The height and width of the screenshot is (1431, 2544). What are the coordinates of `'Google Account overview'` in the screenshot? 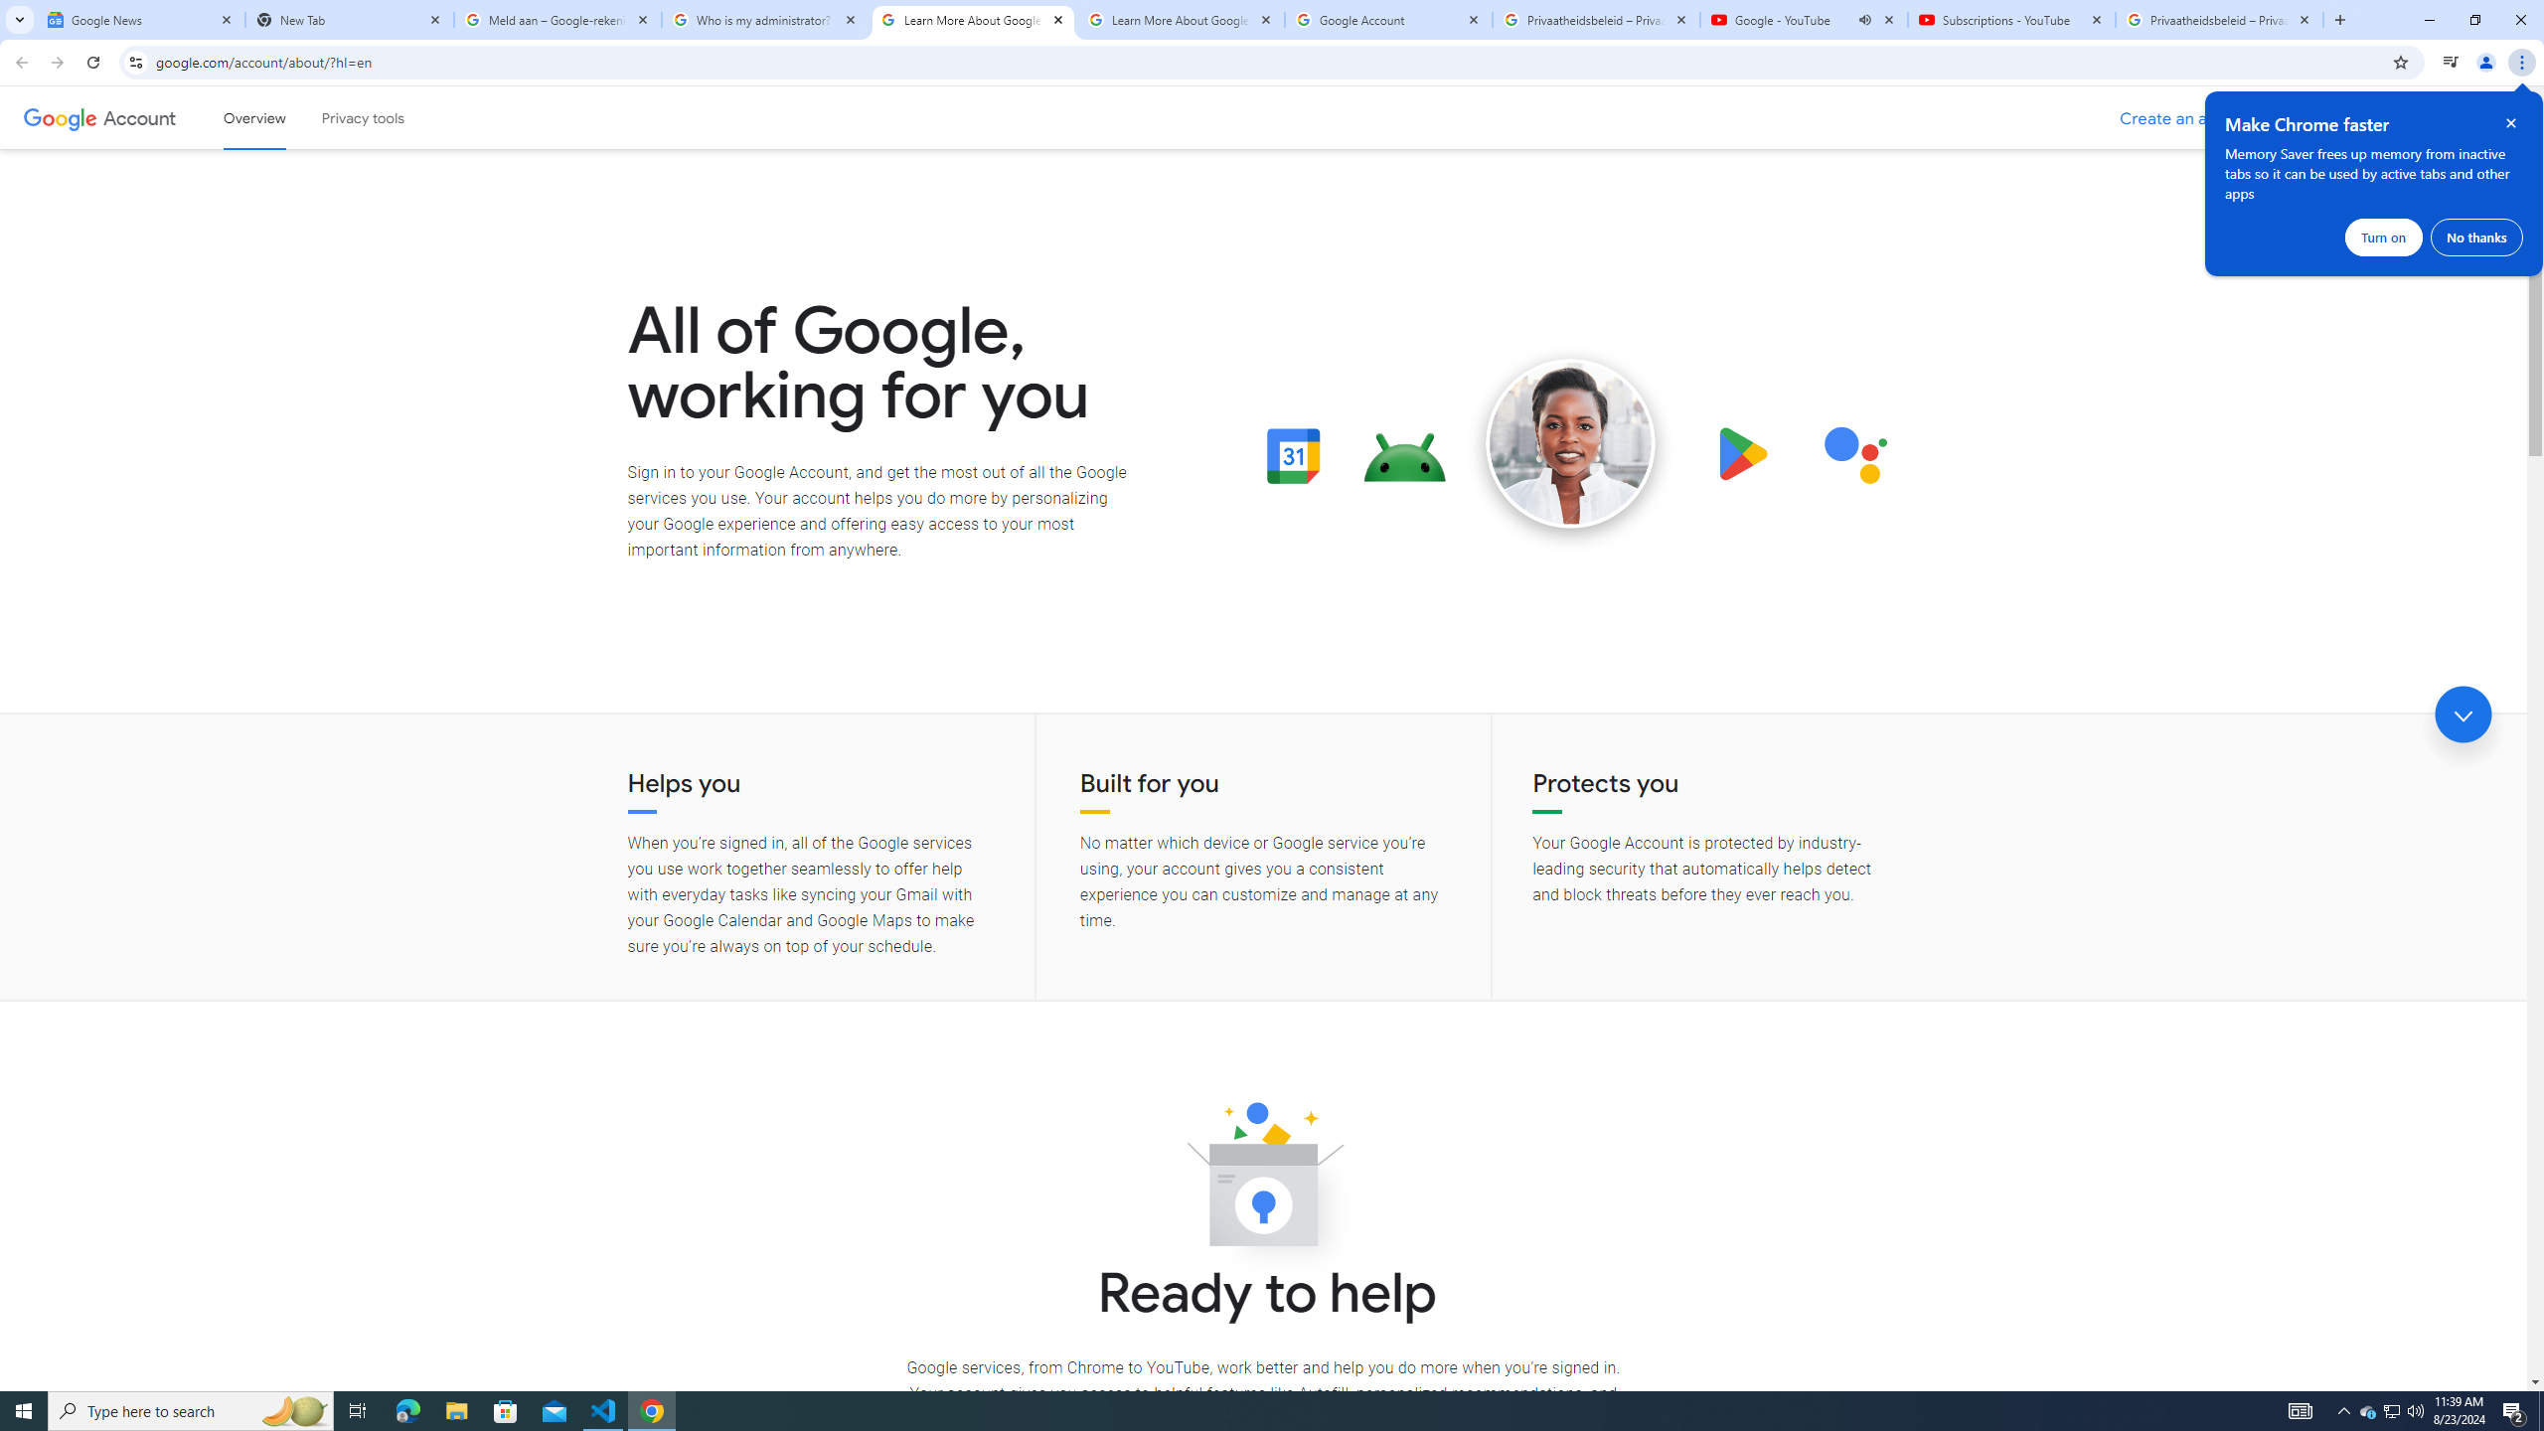 It's located at (254, 117).